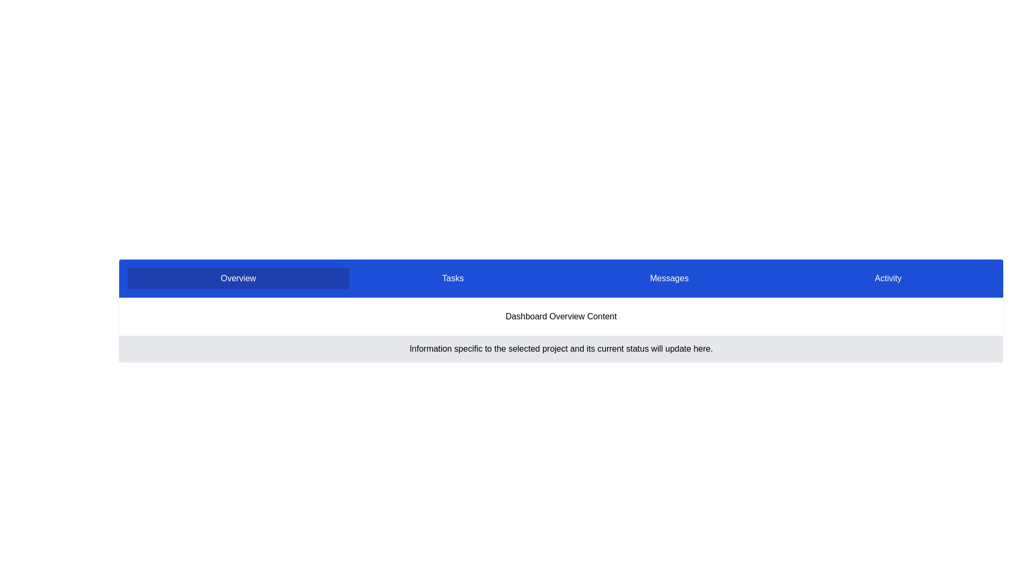 The width and height of the screenshot is (1017, 572). What do you see at coordinates (668, 278) in the screenshot?
I see `the tab labeled 'Messages'` at bounding box center [668, 278].